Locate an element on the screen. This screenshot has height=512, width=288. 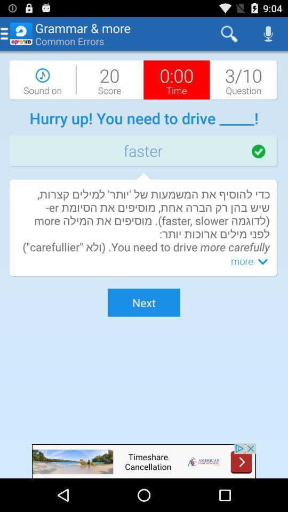
click on advertisement is located at coordinates (144, 460).